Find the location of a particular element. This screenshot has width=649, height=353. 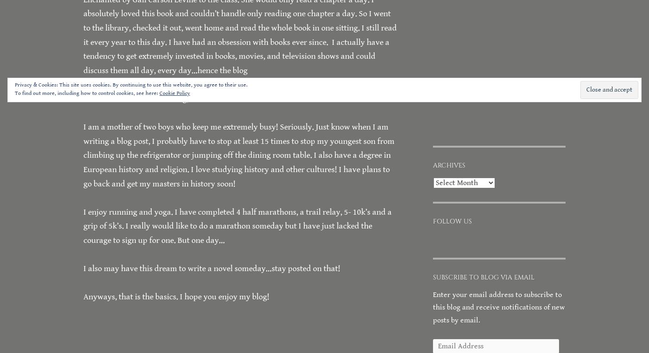

'I am a mother of two boys who keep me extremely busy! Seriously. Just know when I am writing a blog post, I probably have to stop at least 15 times to stop my youngest son from climbing up the refrigerator or jumping off the dining room table. I also have a degree in European history and religion. I love studying history and other cultures! I have plans to go back and get my masters in history soon!' is located at coordinates (239, 155).